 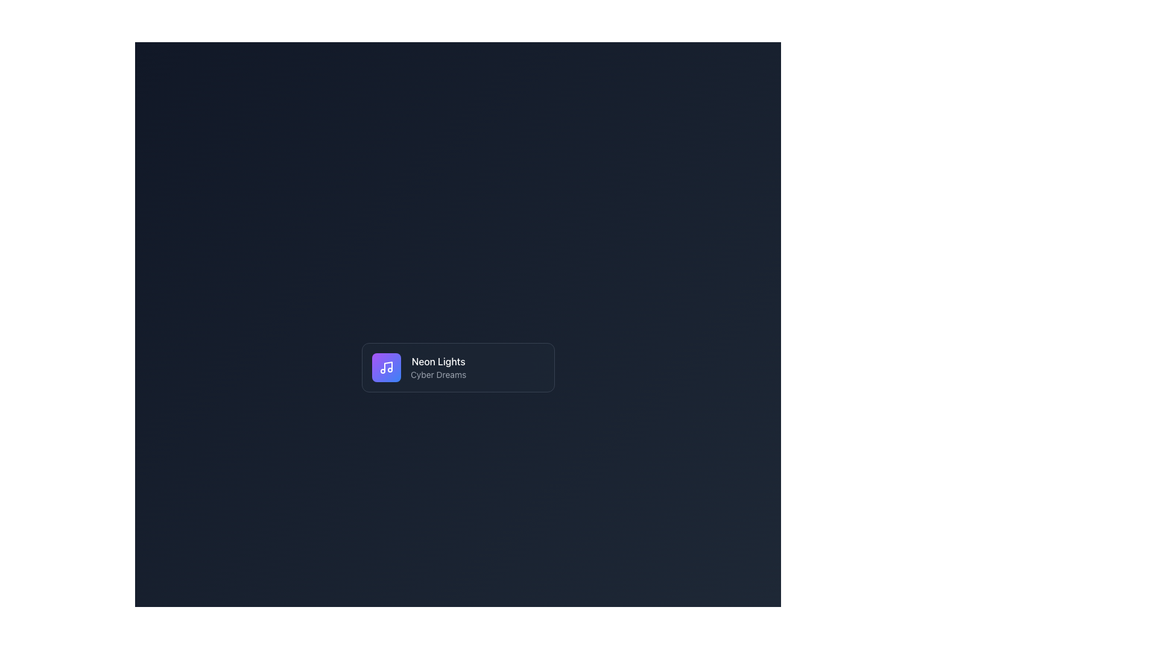 I want to click on the textual content display area that shows 'Neon Lights' in bold white font and 'Cyber Dreams' in smaller grayish font, located centrally on a card with a dark background, so click(x=437, y=366).